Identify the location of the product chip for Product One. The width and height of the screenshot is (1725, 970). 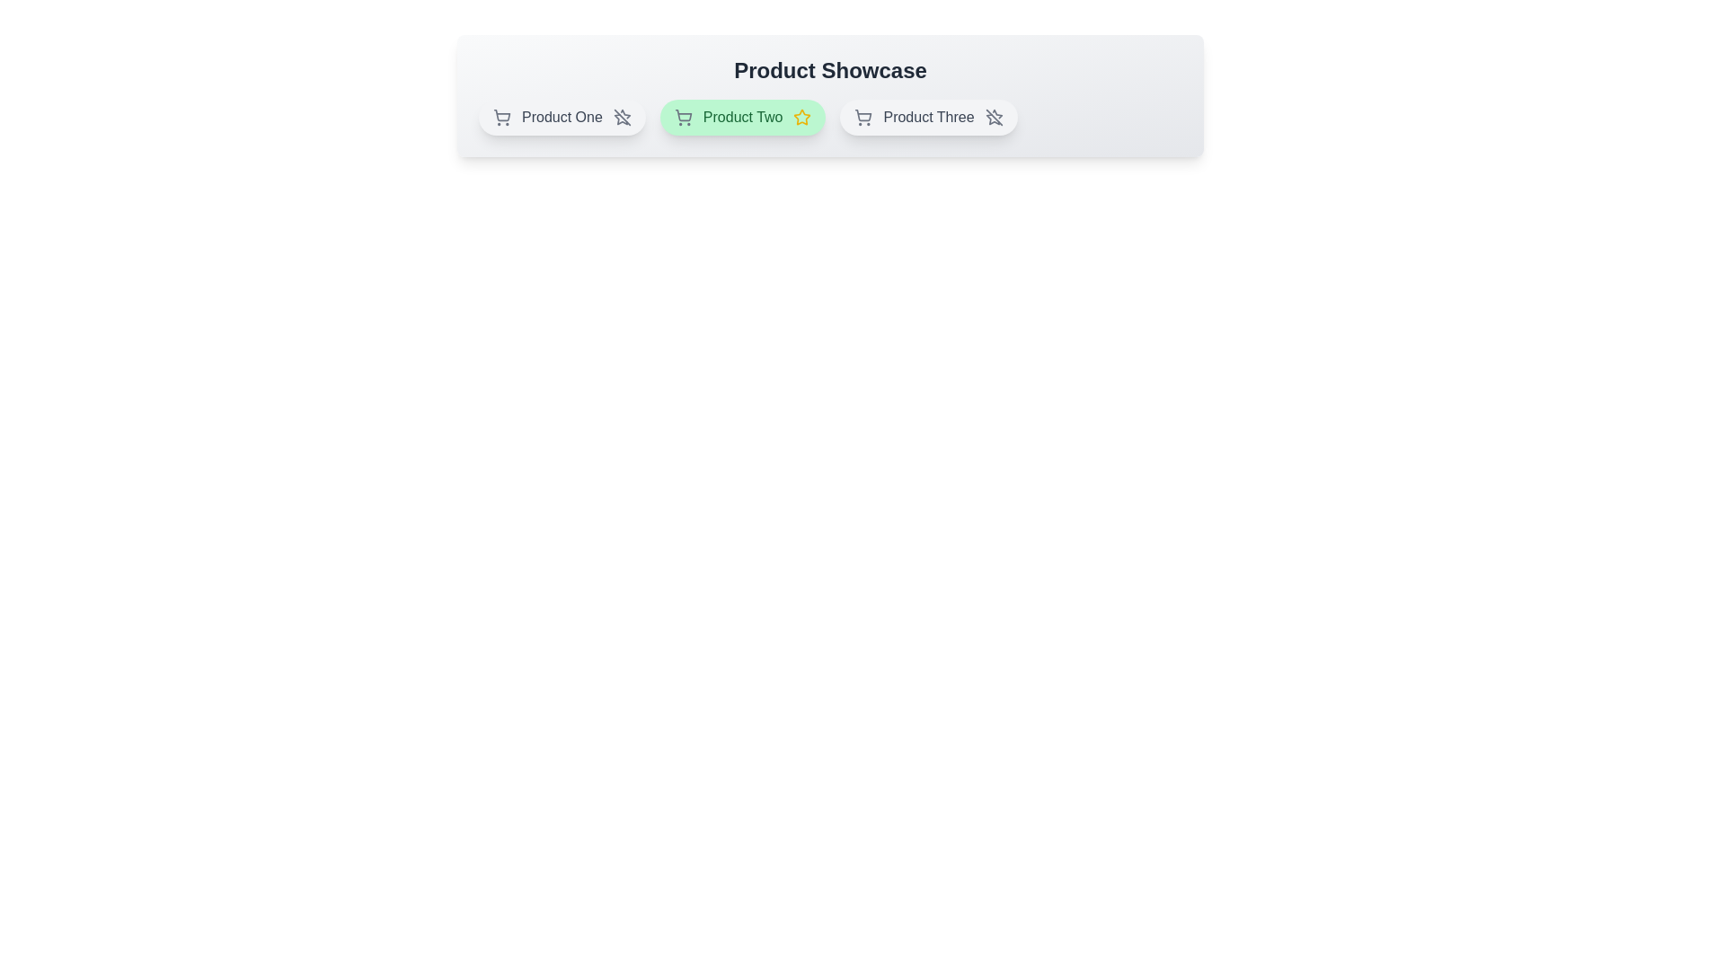
(560, 118).